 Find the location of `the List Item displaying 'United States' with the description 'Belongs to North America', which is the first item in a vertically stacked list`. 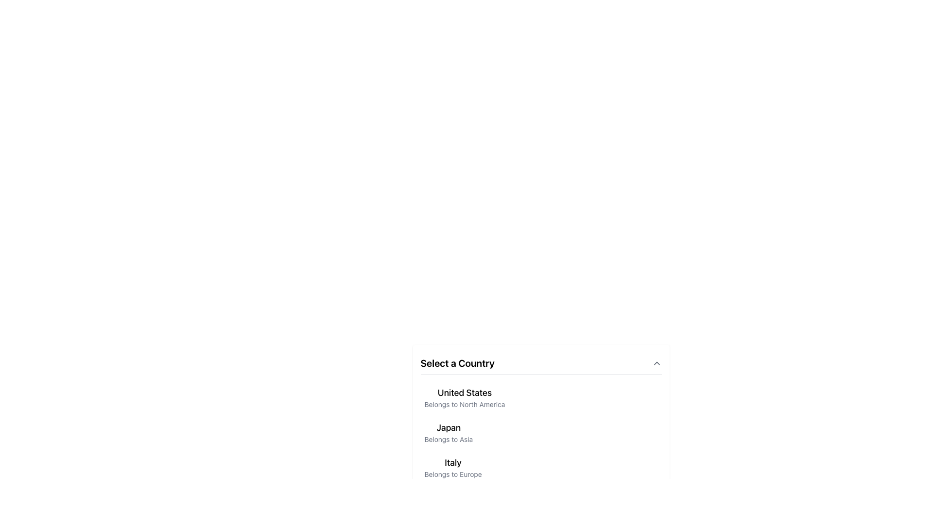

the List Item displaying 'United States' with the description 'Belongs to North America', which is the first item in a vertically stacked list is located at coordinates (540, 398).